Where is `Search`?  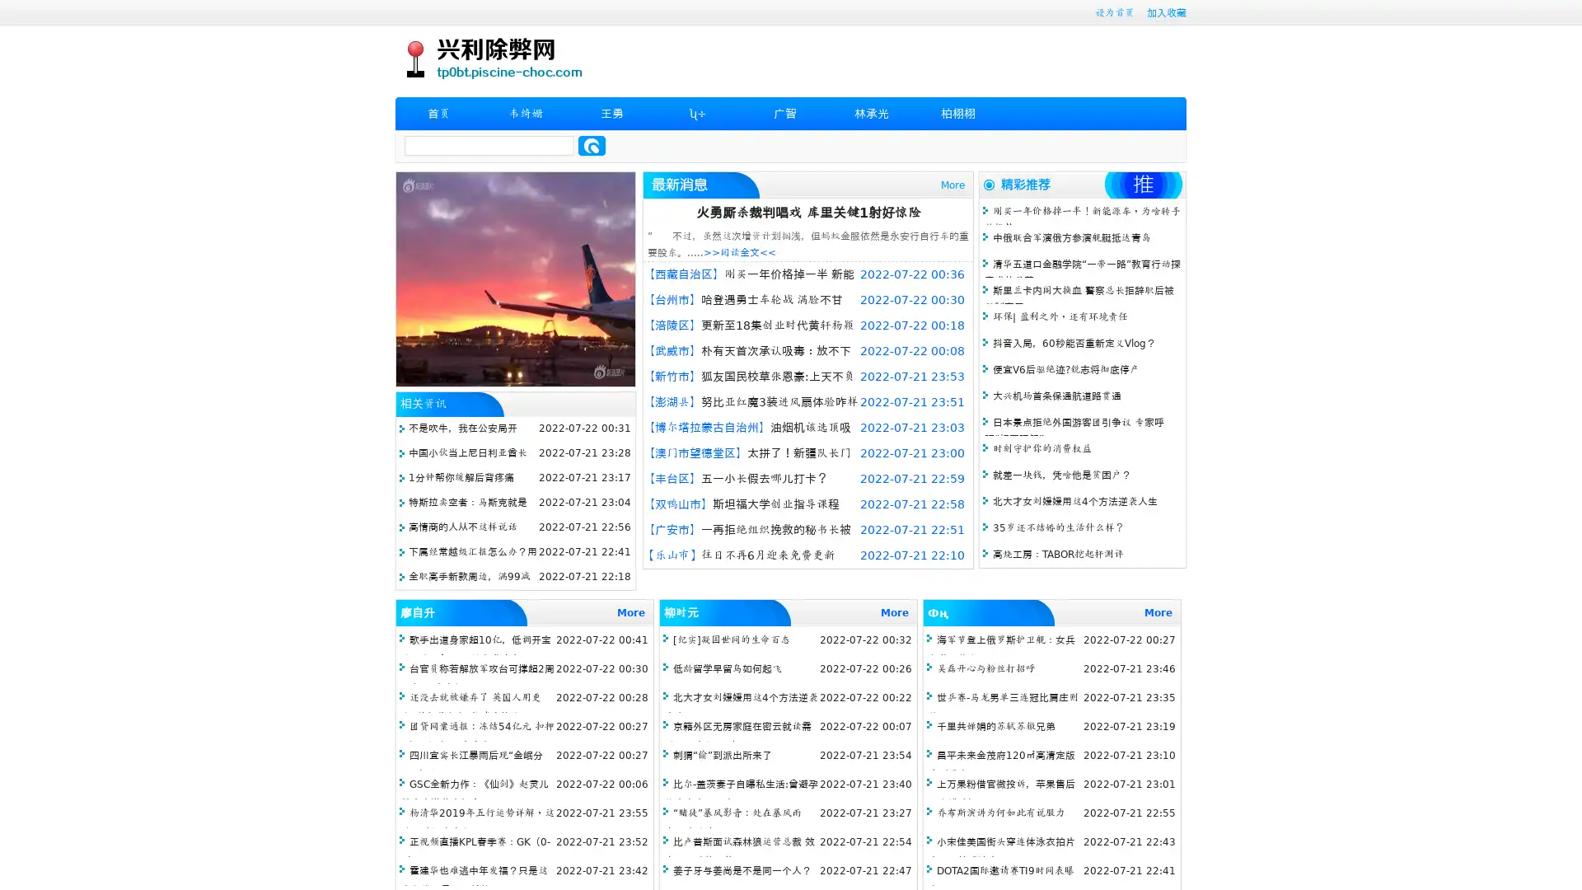
Search is located at coordinates (592, 145).